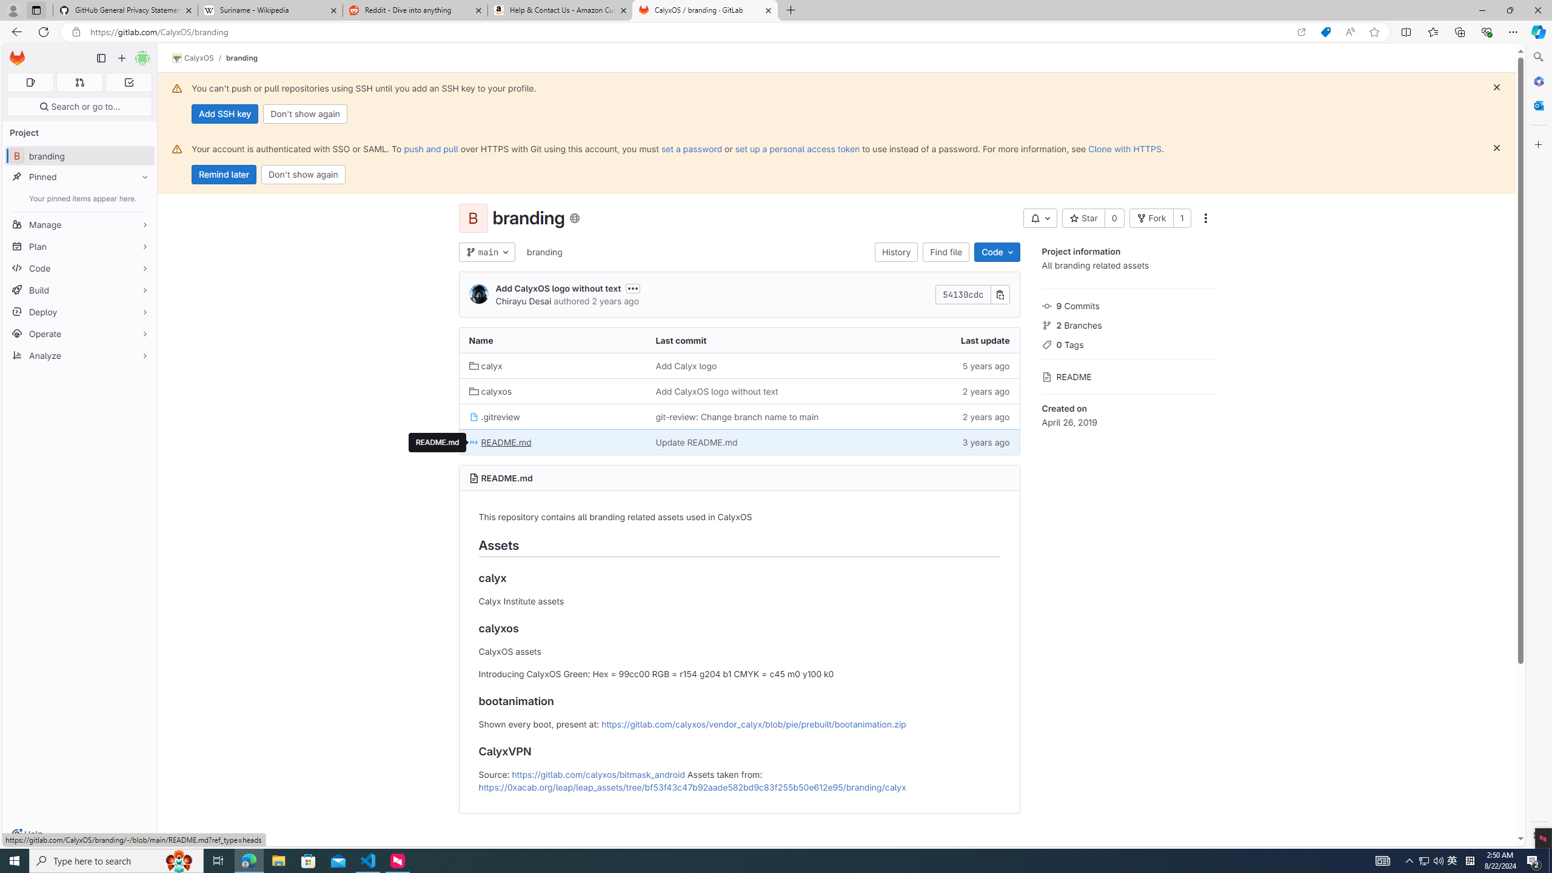  Describe the element at coordinates (192, 58) in the screenshot. I see `'CalyxOS'` at that location.